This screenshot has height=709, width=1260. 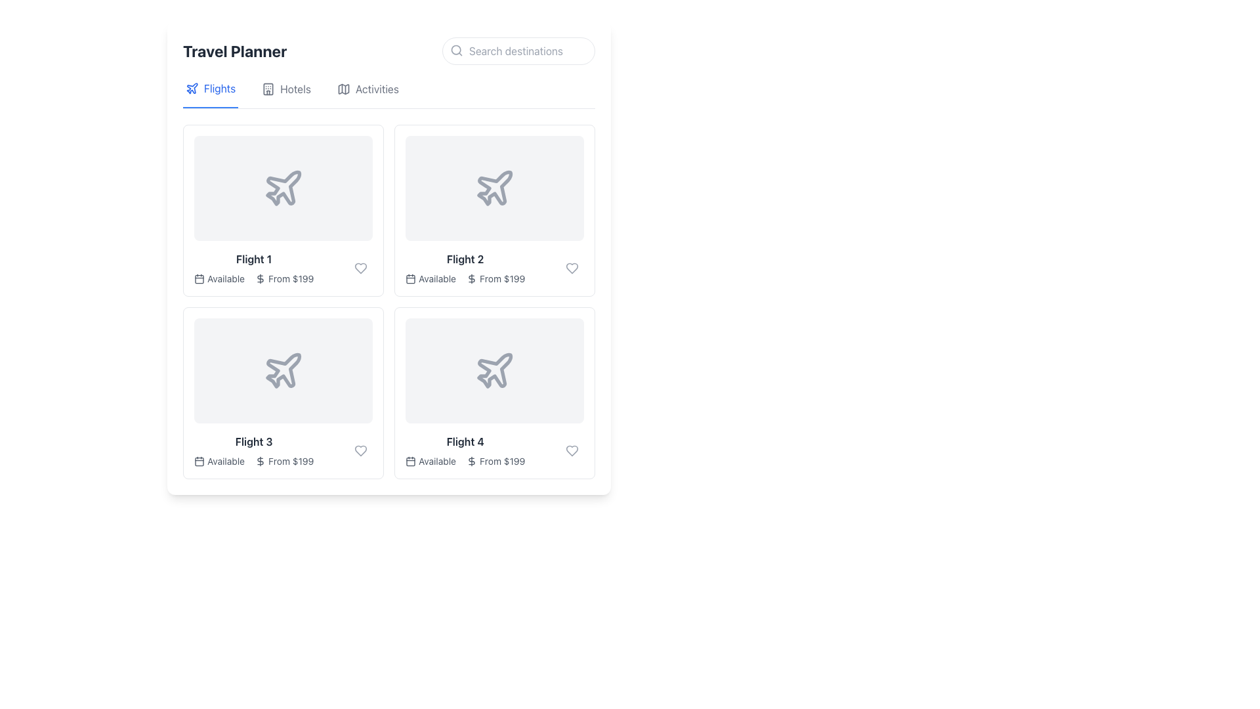 I want to click on the airplane icon representing flight options in the second row and first column of the travel planner's grid layout, so click(x=283, y=370).